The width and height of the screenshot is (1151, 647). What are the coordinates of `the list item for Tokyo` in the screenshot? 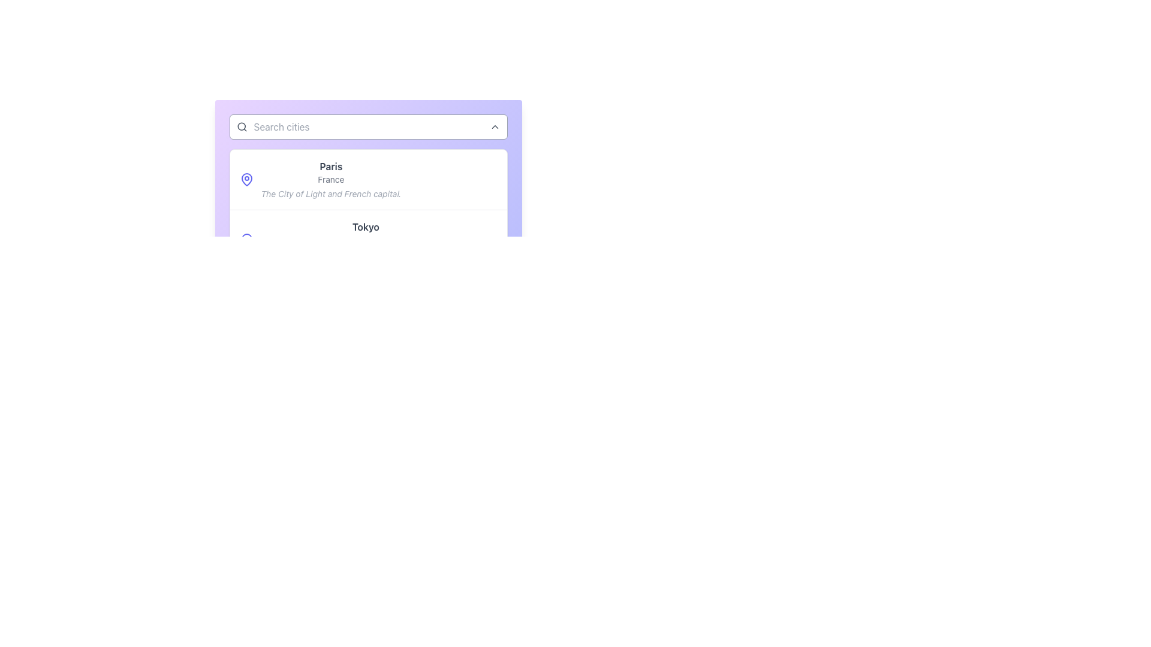 It's located at (367, 240).